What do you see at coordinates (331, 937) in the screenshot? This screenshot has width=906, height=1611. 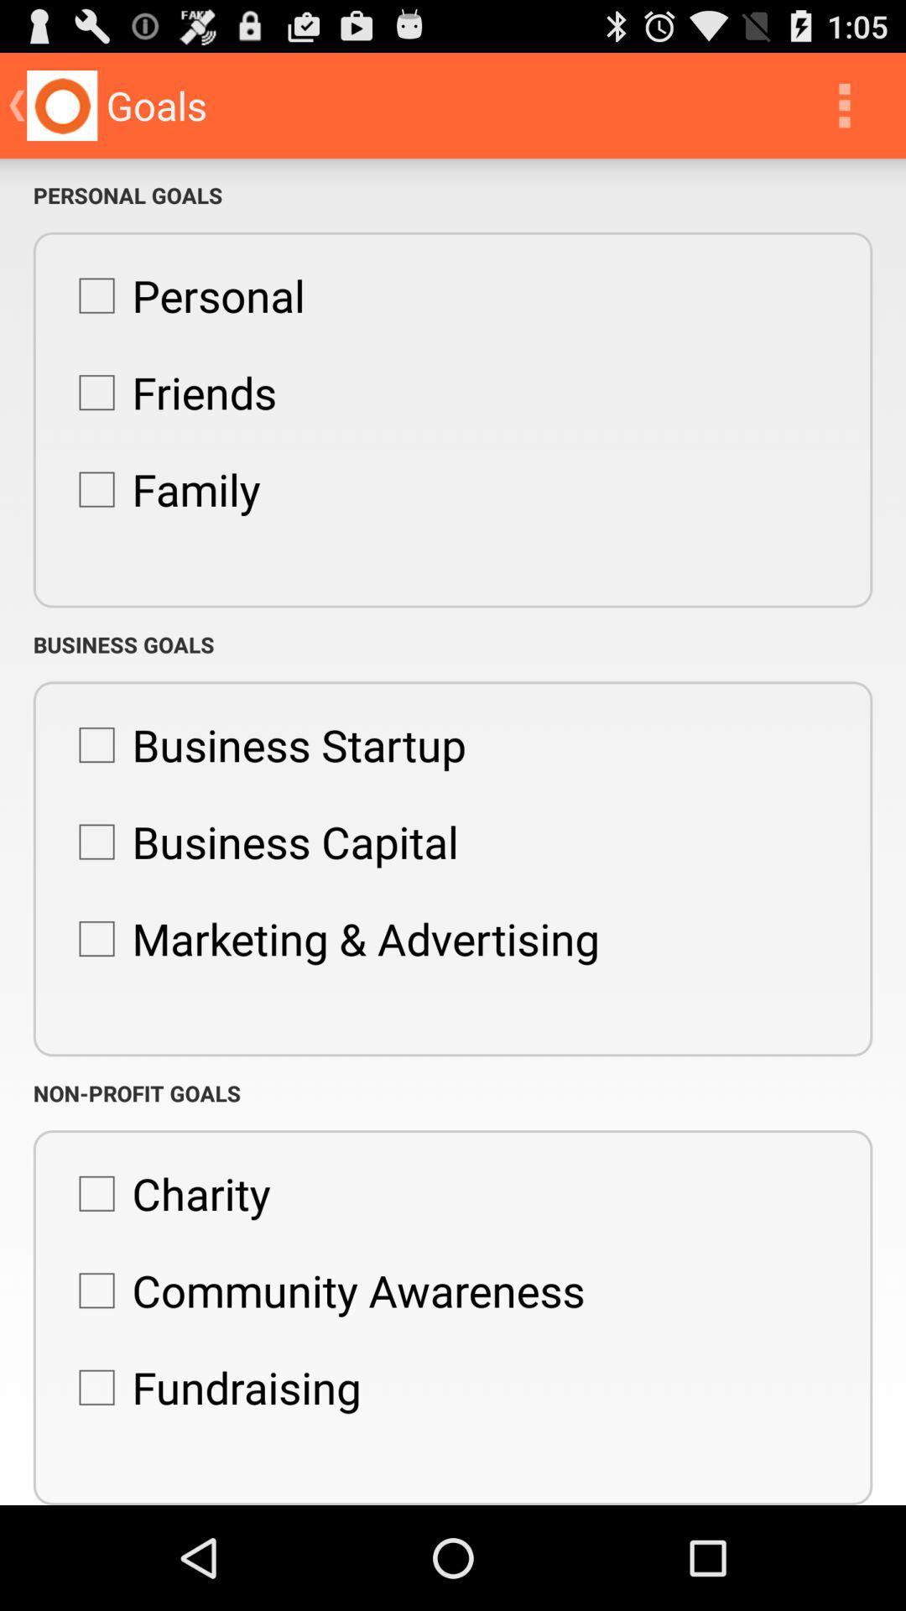 I see `item below the business capital` at bounding box center [331, 937].